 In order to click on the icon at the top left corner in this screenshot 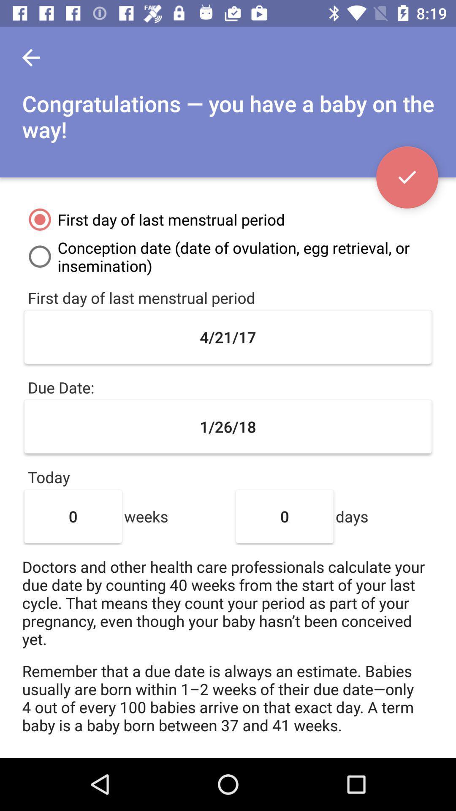, I will do `click(30, 57)`.